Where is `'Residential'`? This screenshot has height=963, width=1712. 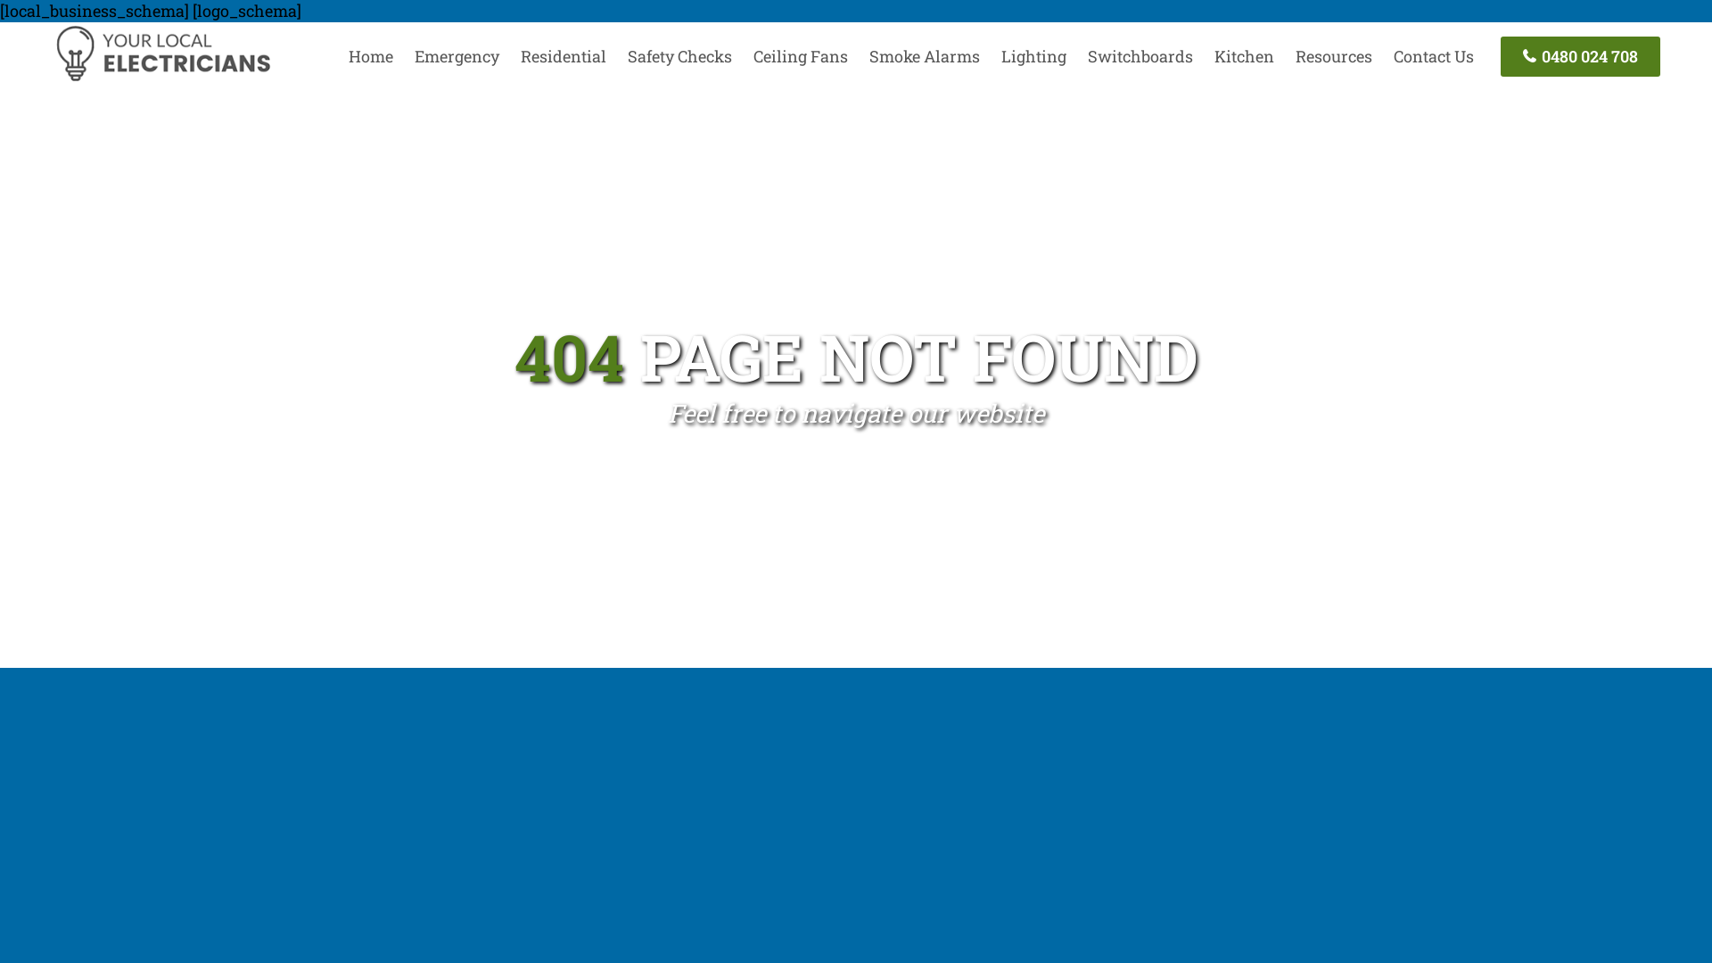 'Residential' is located at coordinates (563, 54).